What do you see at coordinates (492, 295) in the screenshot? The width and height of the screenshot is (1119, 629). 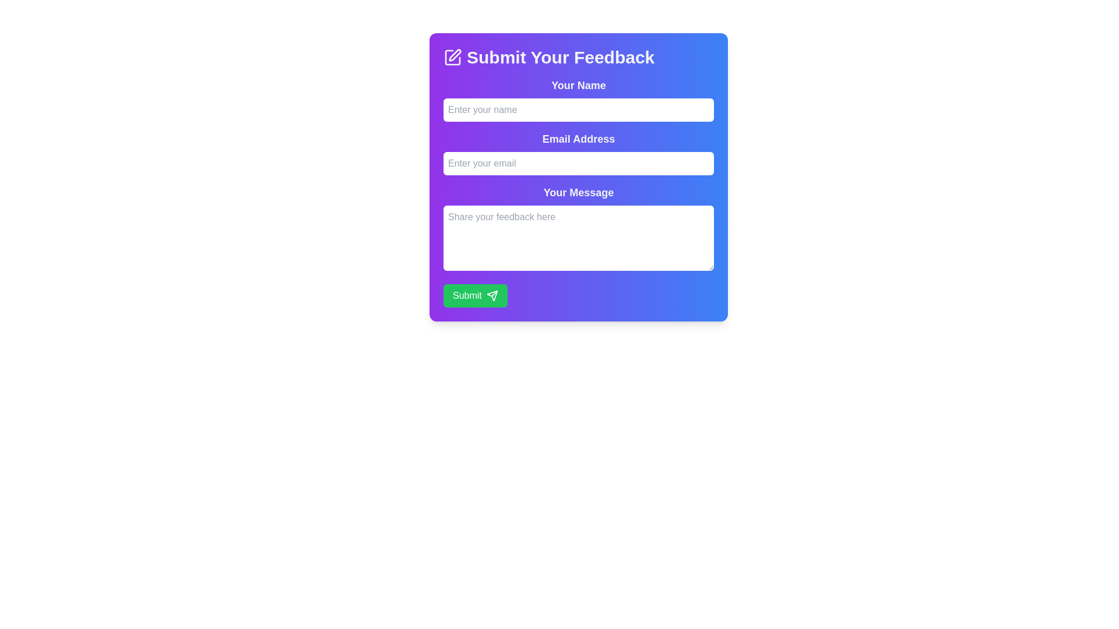 I see `the 'Submit' button which is located below the input fields for the feedback form and to the left of the submit icon` at bounding box center [492, 295].